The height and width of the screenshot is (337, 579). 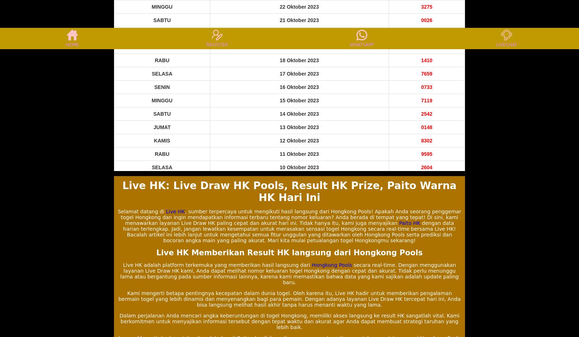 I want to click on 'WHATSAPP', so click(x=361, y=44).